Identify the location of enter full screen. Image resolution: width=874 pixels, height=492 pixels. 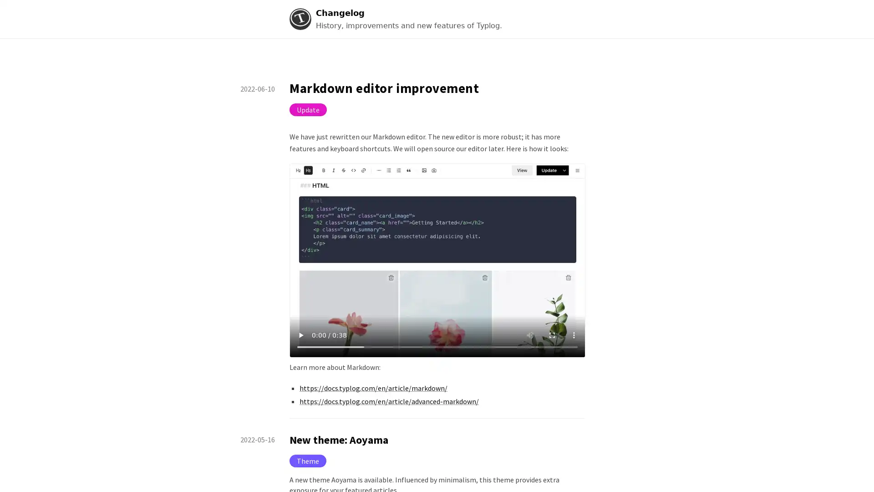
(552, 335).